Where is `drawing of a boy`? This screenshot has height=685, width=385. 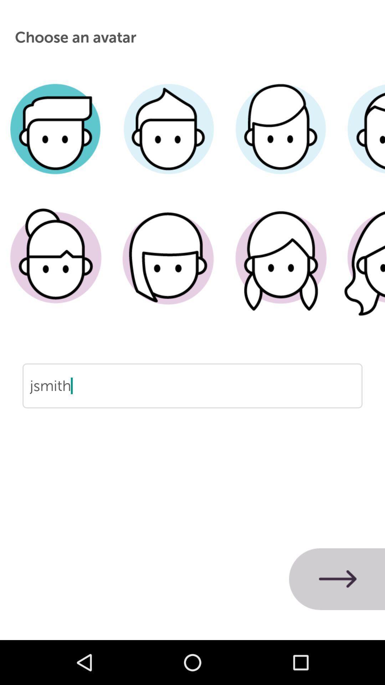
drawing of a boy is located at coordinates (56, 139).